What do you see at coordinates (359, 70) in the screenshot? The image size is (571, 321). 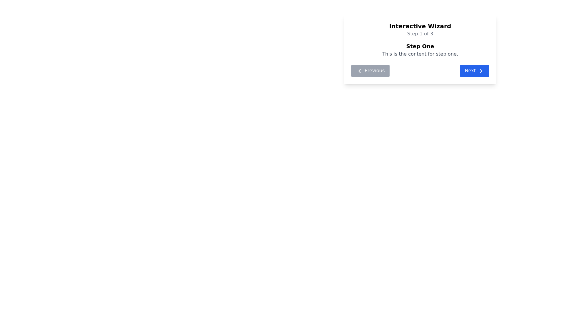 I see `the left-pointing chevron icon within the 'Previous' button` at bounding box center [359, 70].